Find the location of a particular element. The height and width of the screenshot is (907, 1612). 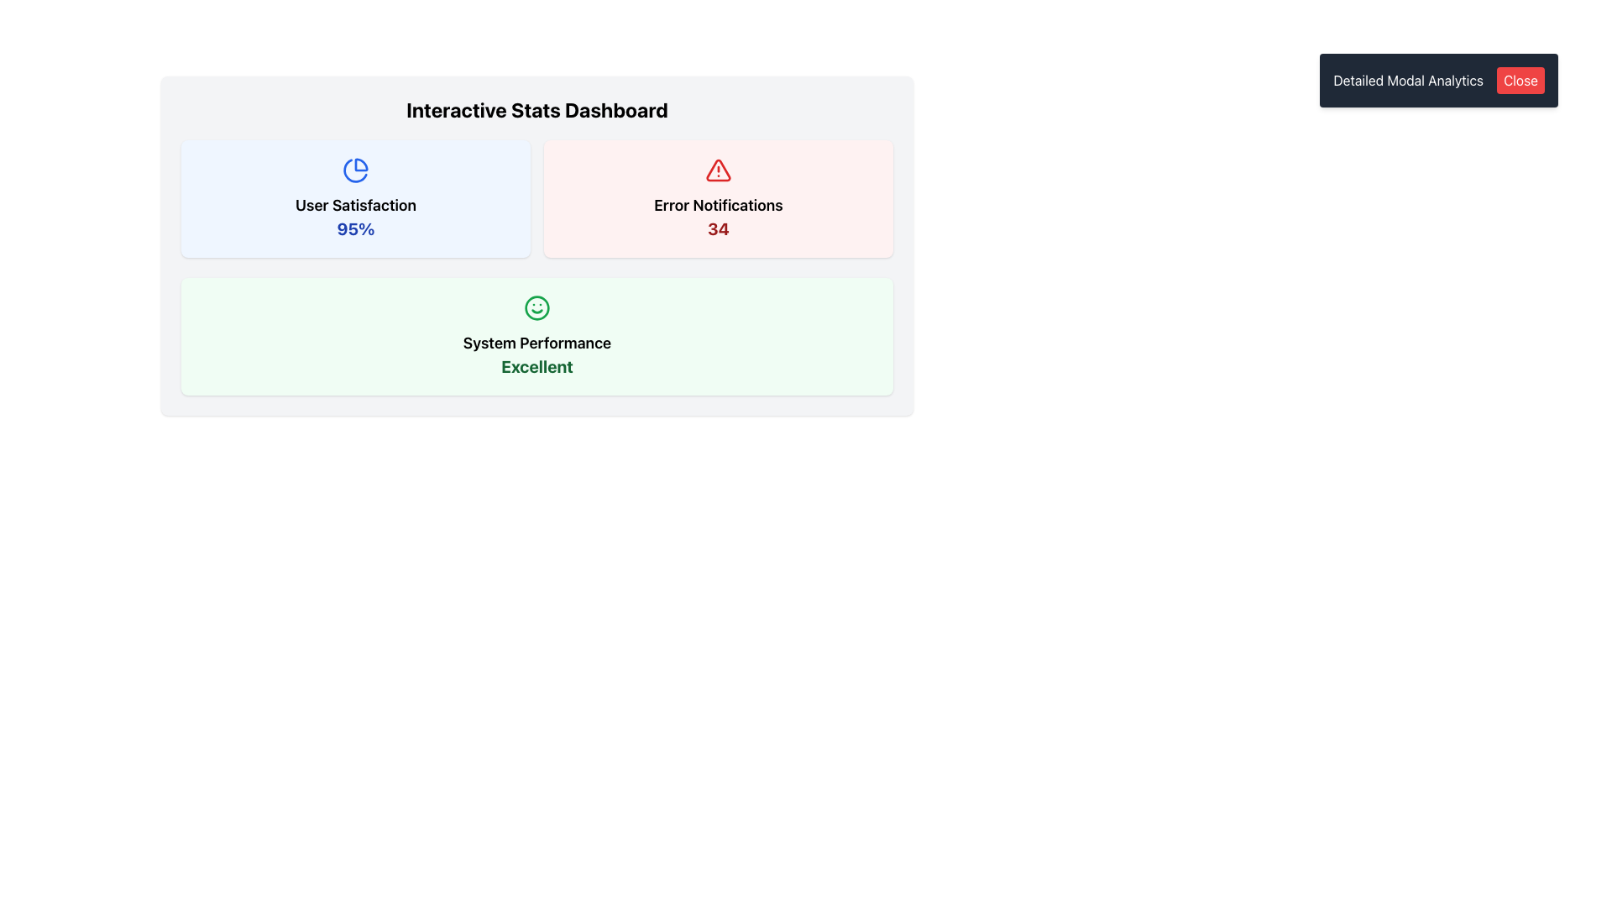

the Label/Text element that indicates the user satisfaction metric, located on the light blue card in the top-left corner, positioned below a circular icon and above the '95%' text is located at coordinates (354, 205).